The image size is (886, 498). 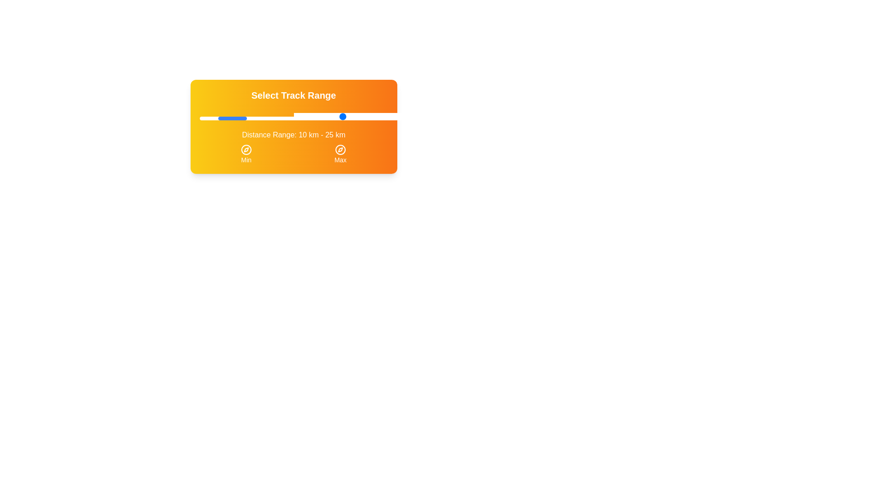 I want to click on the range slider's value, so click(x=204, y=118).